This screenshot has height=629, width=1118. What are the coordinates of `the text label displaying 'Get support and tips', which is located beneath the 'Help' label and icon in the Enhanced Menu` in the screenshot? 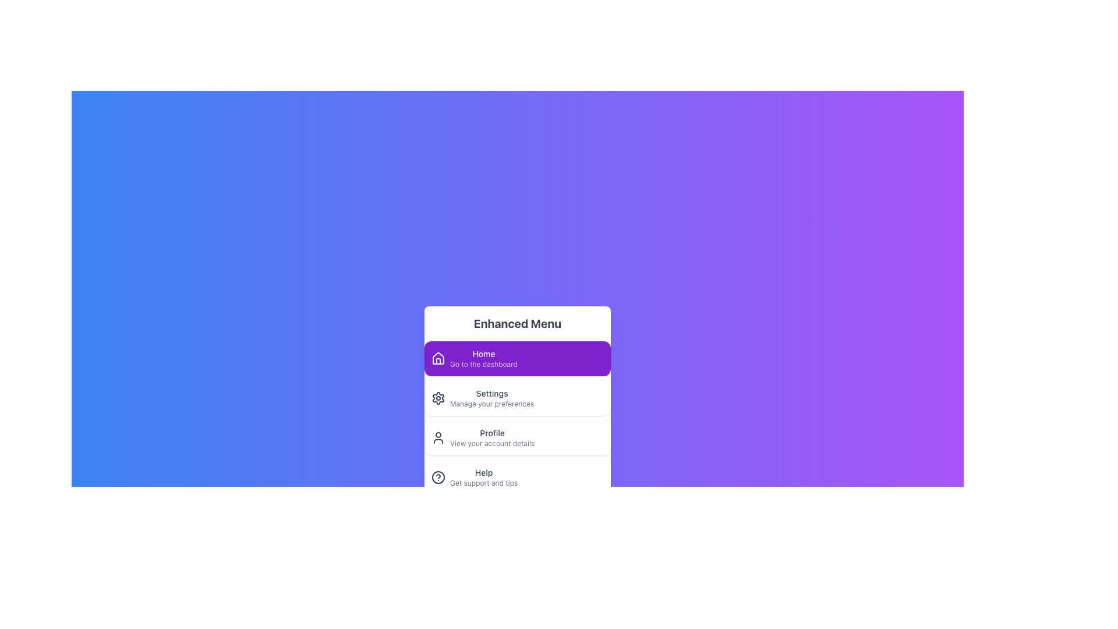 It's located at (484, 483).